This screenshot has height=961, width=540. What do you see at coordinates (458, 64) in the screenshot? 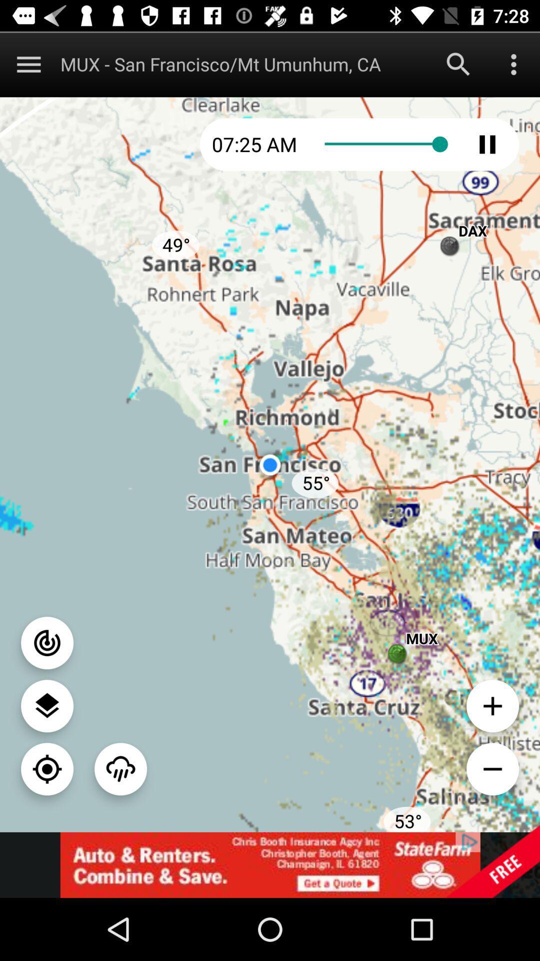
I see `the search icon` at bounding box center [458, 64].